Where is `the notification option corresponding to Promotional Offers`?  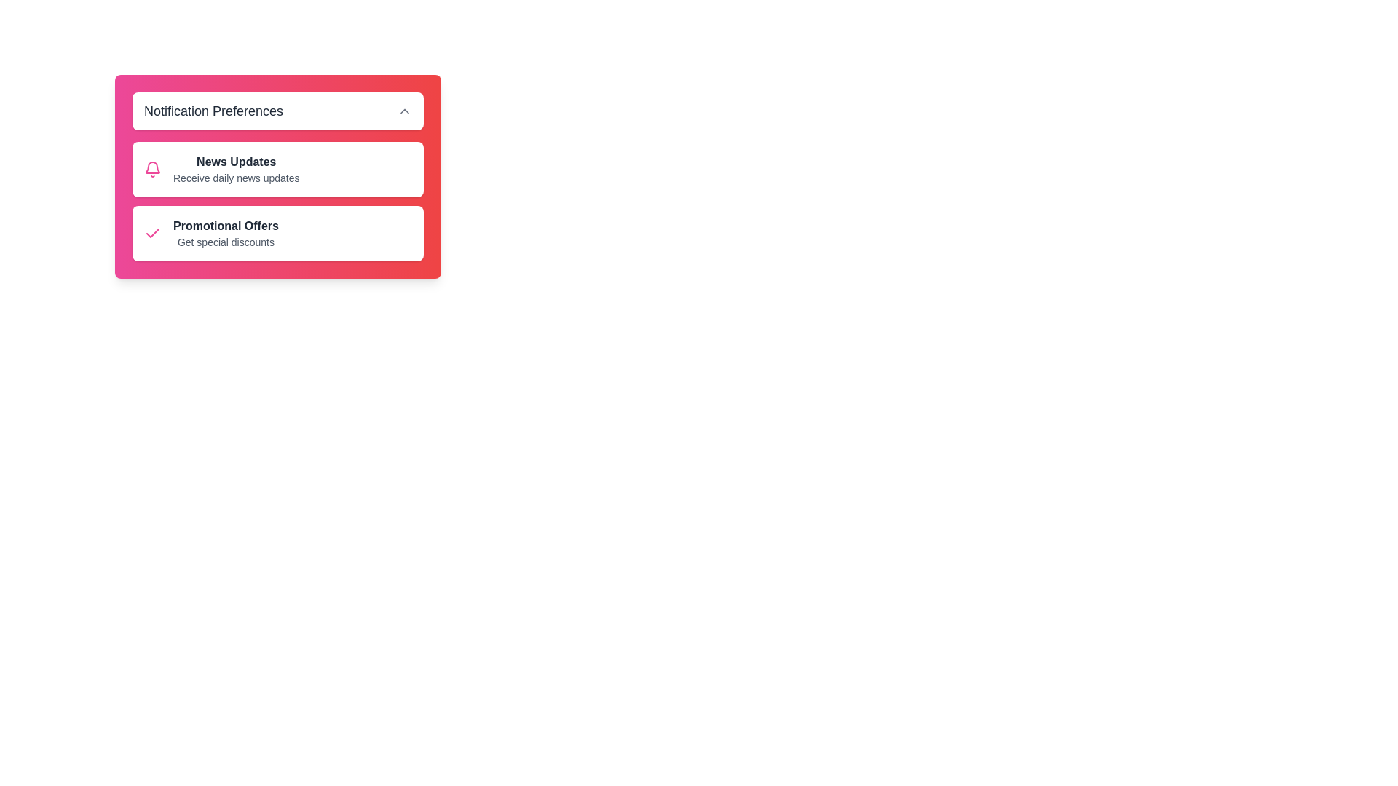
the notification option corresponding to Promotional Offers is located at coordinates (153, 232).